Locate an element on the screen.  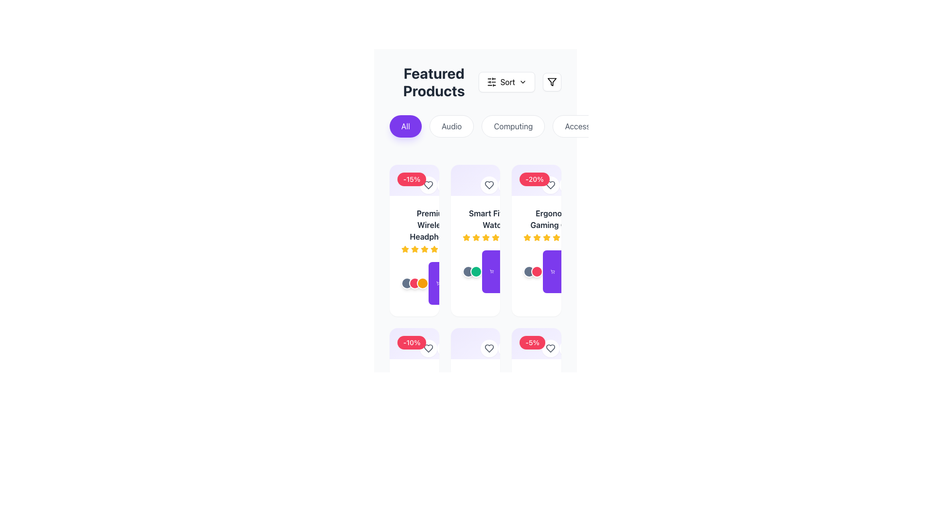
the downward-pointing chevron icon within the 'Sort' button is located at coordinates (522, 82).